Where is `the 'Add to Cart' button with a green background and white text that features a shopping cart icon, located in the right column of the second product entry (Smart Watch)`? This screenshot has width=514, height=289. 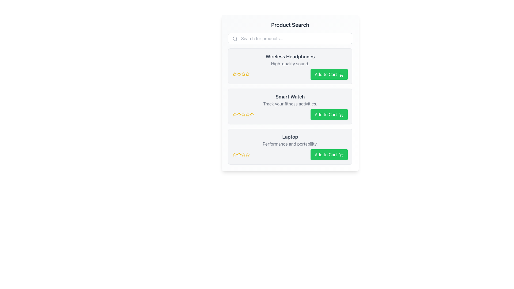 the 'Add to Cart' button with a green background and white text that features a shopping cart icon, located in the right column of the second product entry (Smart Watch) is located at coordinates (329, 114).